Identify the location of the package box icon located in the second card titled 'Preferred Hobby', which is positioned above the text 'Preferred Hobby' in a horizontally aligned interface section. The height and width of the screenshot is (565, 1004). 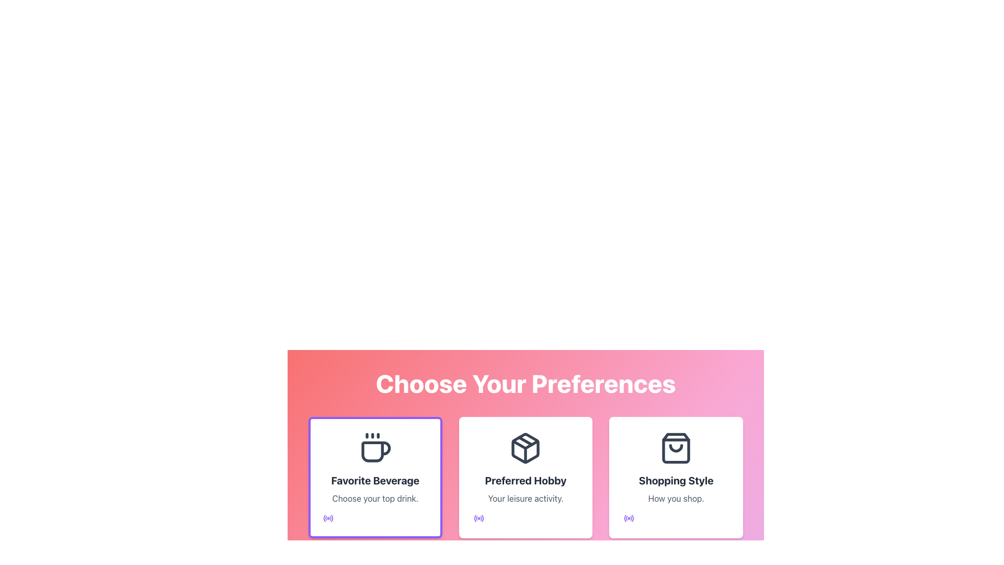
(526, 447).